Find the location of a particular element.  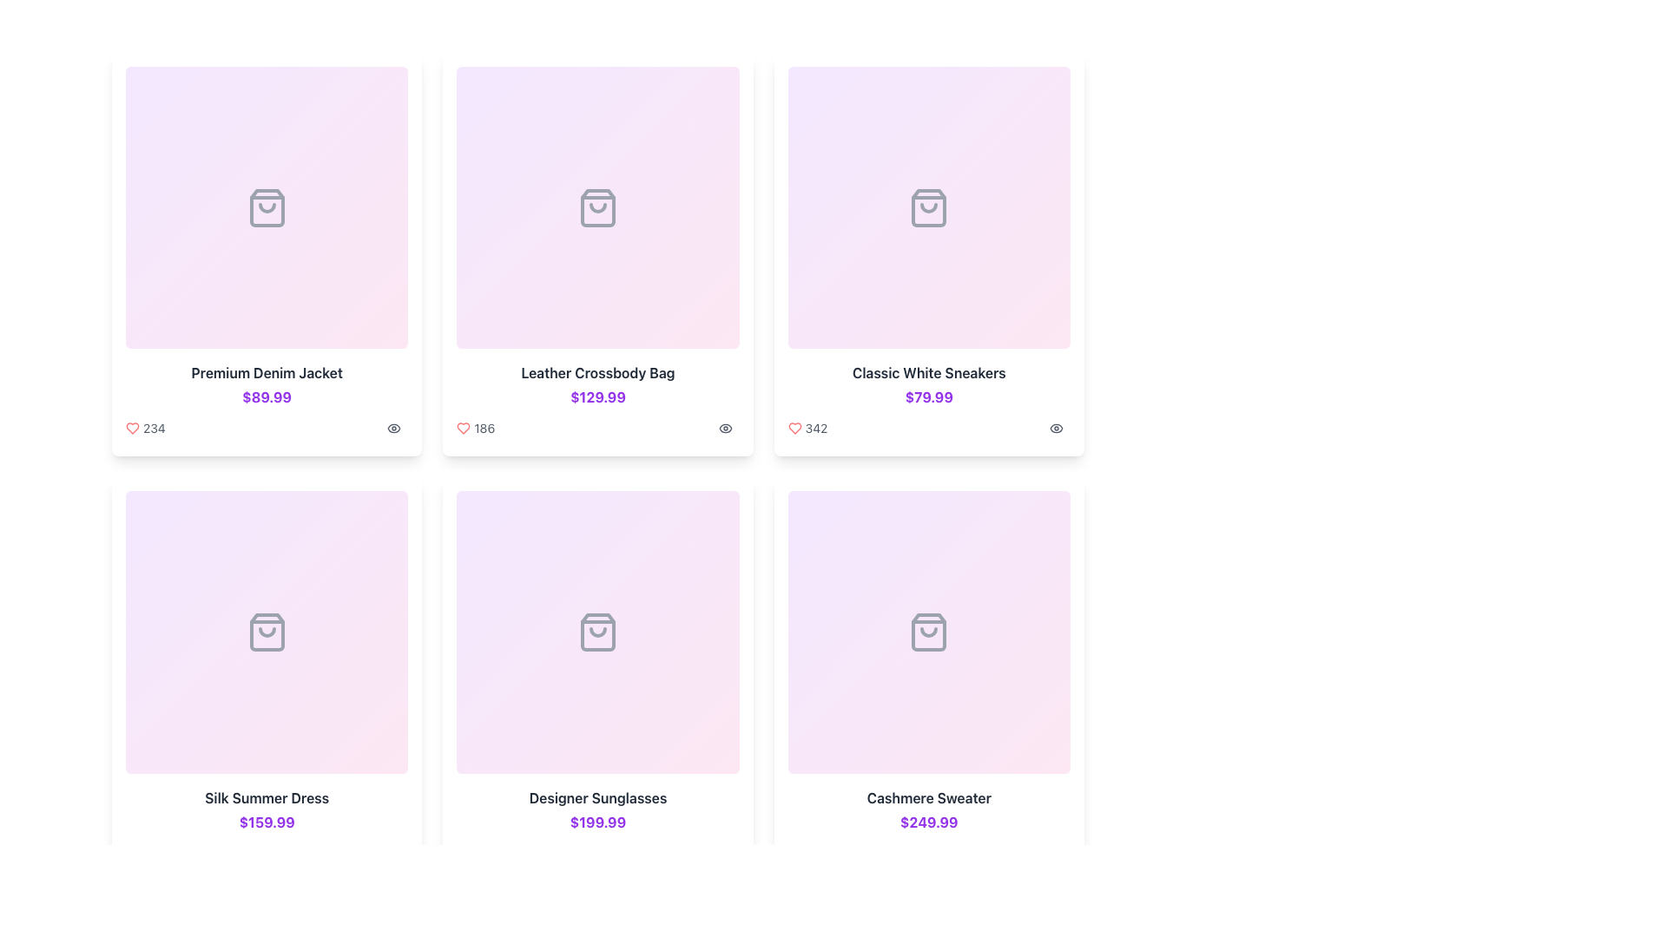

the shopping bag icon located in the top row, third card from the left, which has a gray outline that turns purple on hover is located at coordinates (928, 206).